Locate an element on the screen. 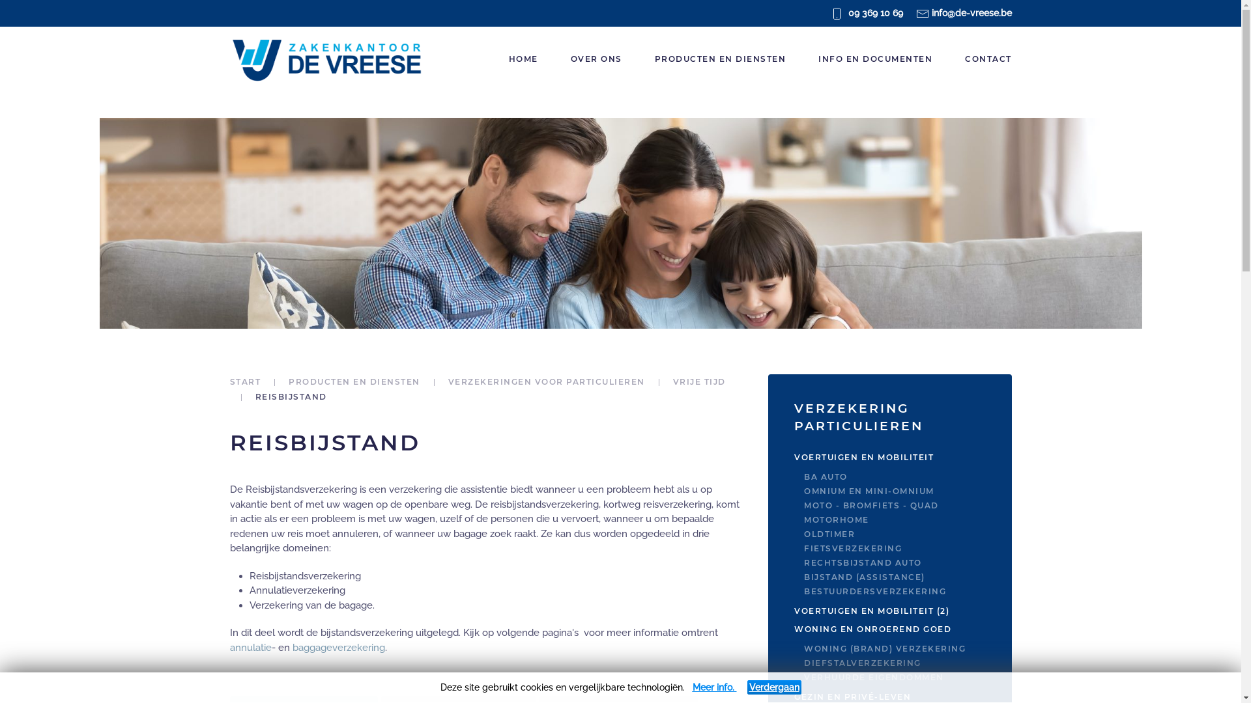 The height and width of the screenshot is (703, 1251). 'BESTUURDERSVERZEKERING' is located at coordinates (906, 592).